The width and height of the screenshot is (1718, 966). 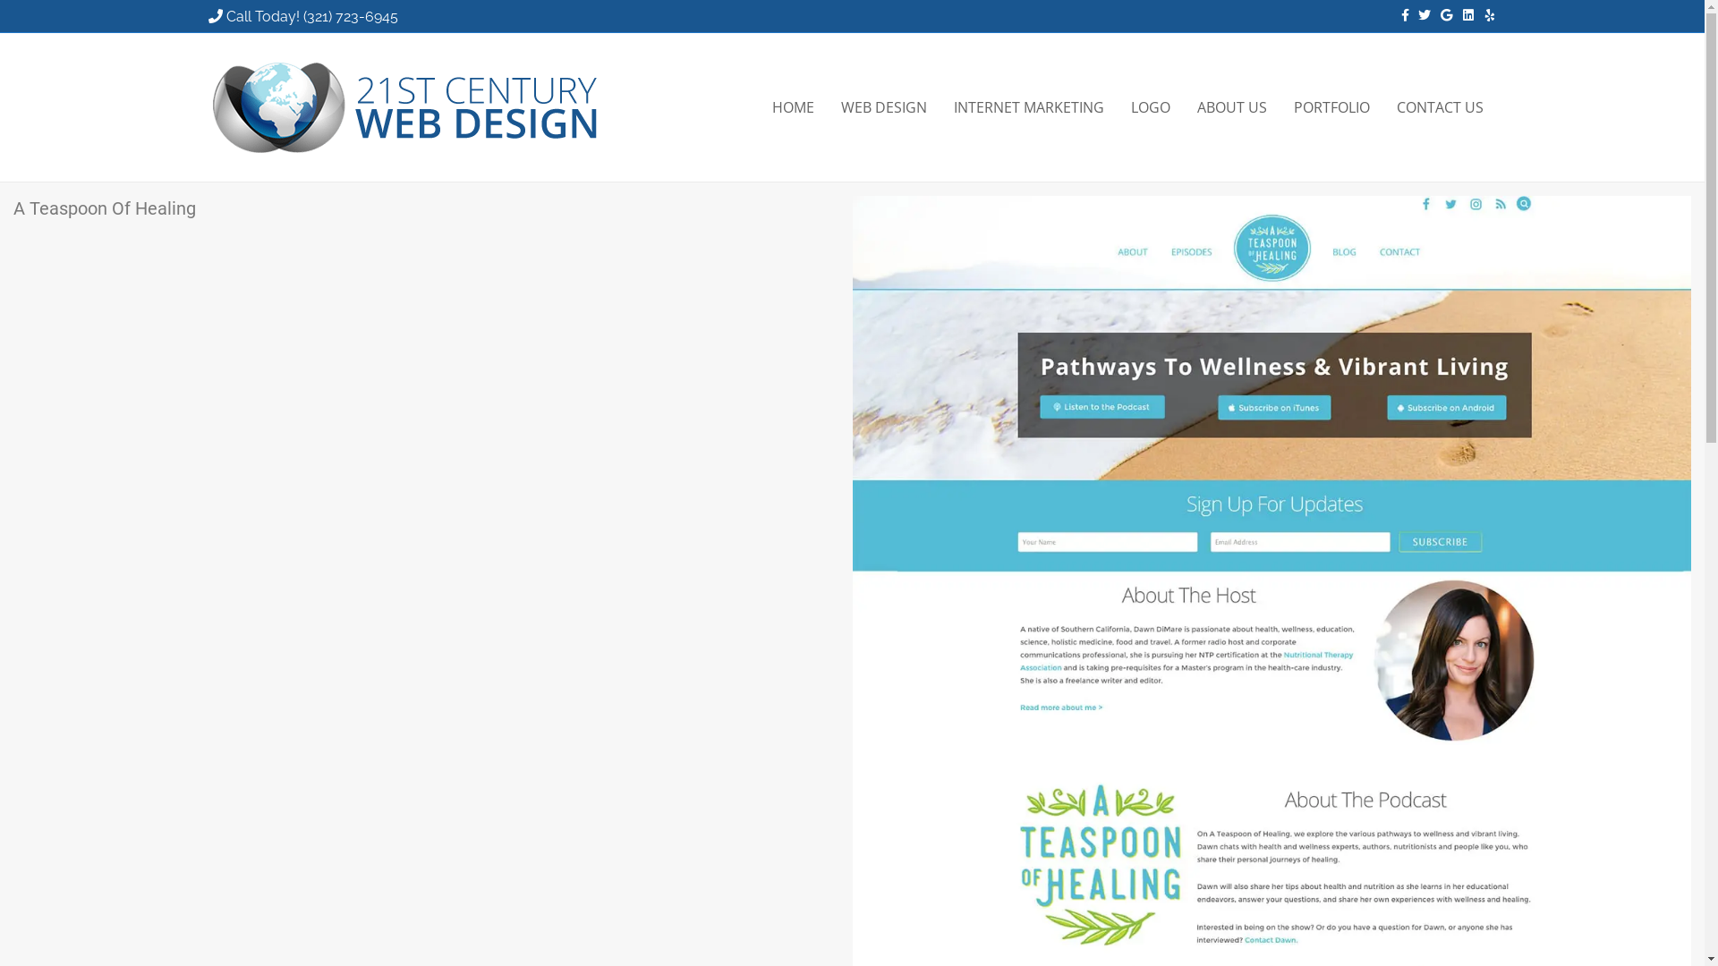 I want to click on 'LOGO', so click(x=1150, y=106).